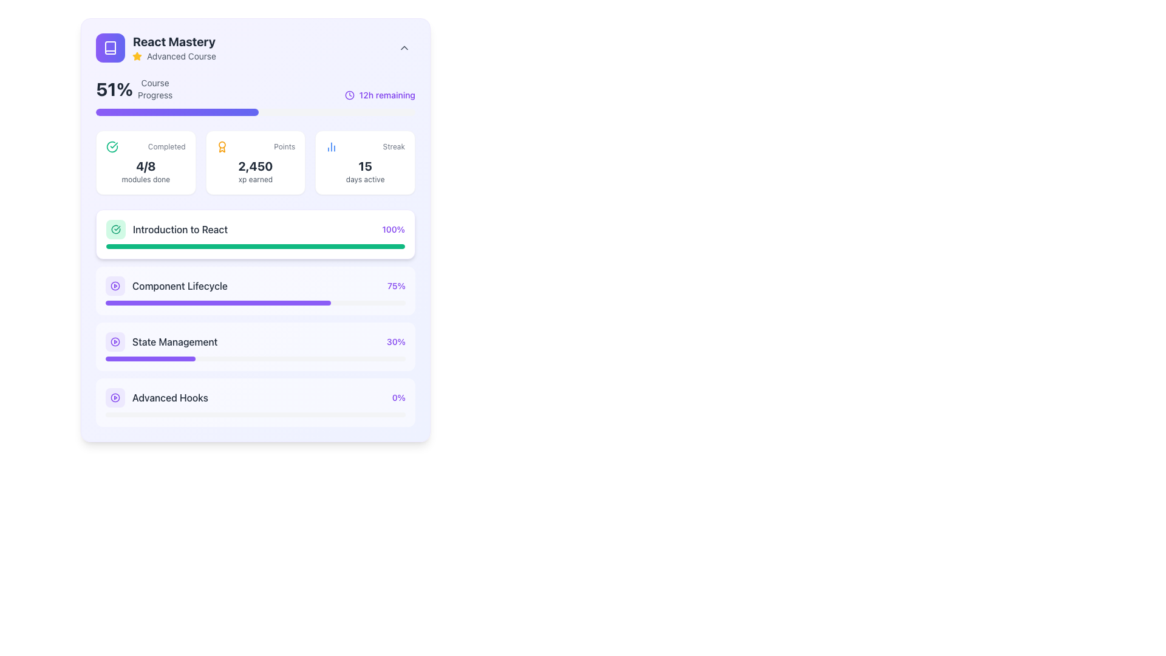 The image size is (1166, 656). I want to click on the text label displaying '12h remaining' in violet color, positioned next to the clock icon within the 'React Mastery' card, so click(386, 95).